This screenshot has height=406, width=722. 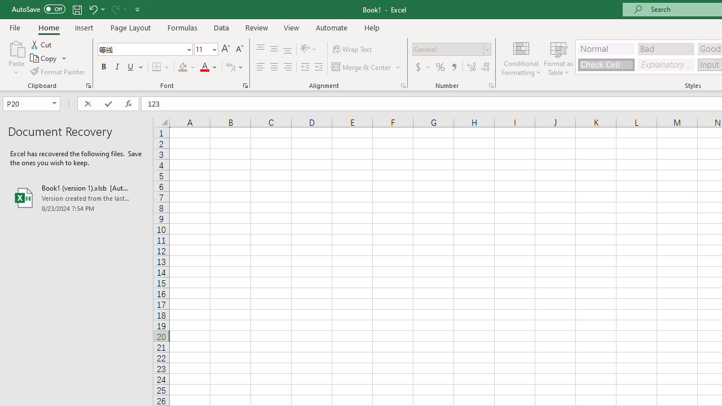 I want to click on 'Italic', so click(x=117, y=67).